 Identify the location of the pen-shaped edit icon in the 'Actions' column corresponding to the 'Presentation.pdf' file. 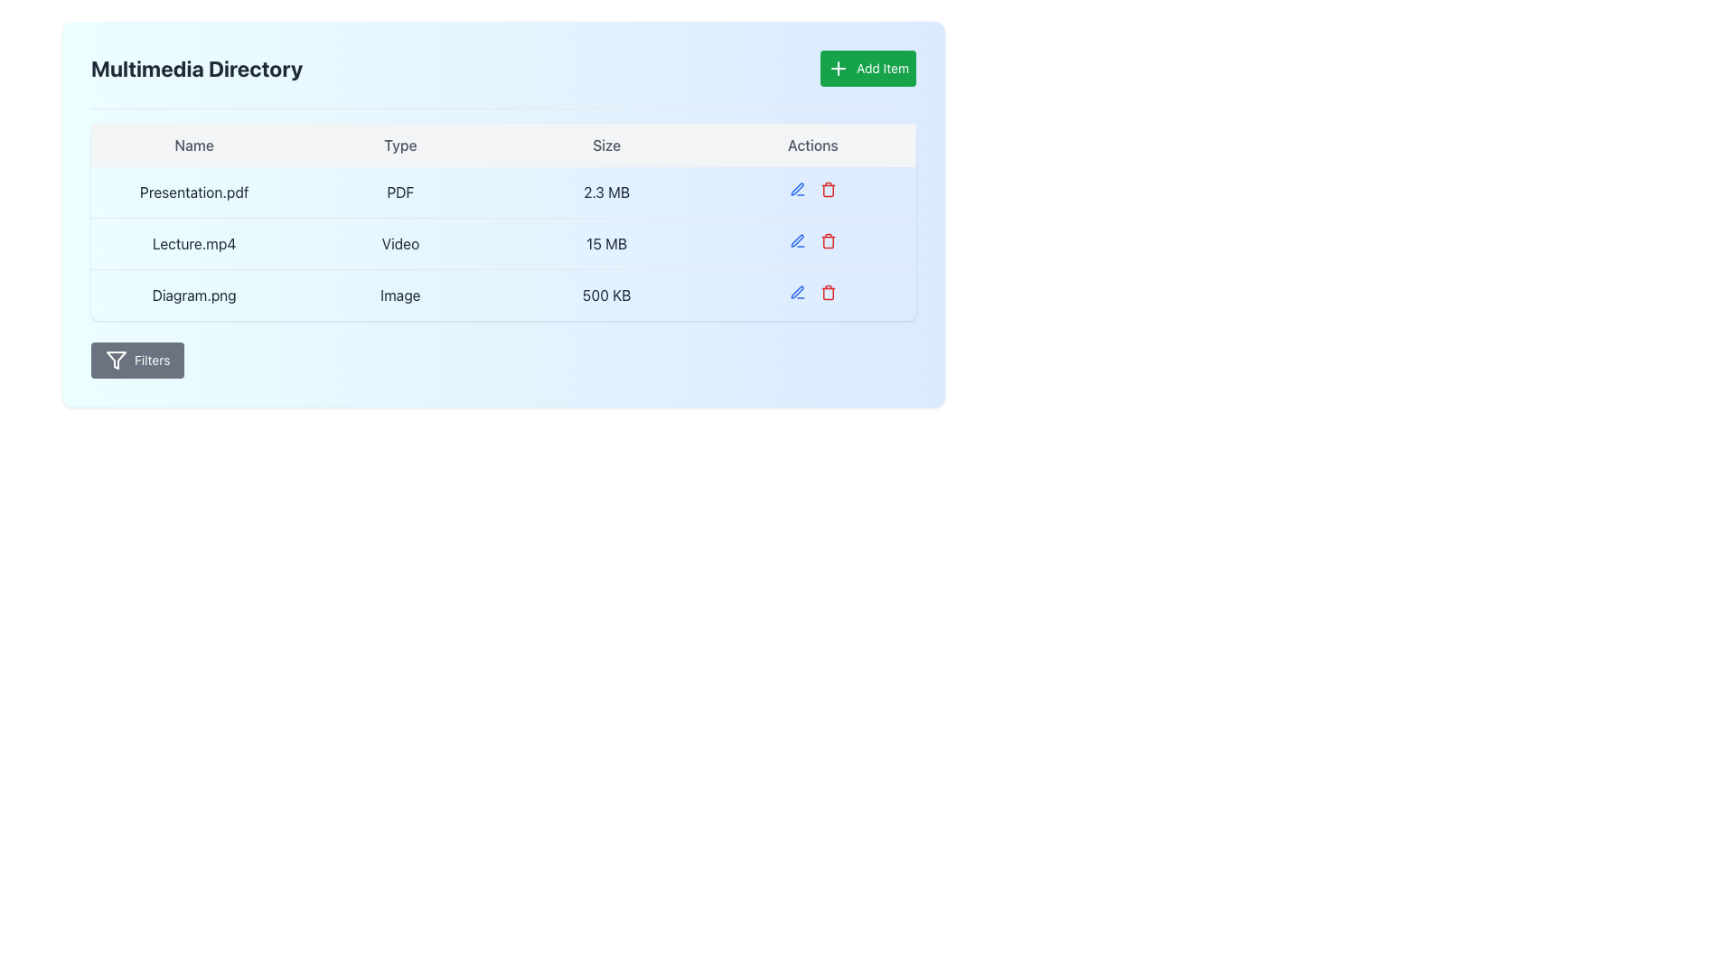
(796, 291).